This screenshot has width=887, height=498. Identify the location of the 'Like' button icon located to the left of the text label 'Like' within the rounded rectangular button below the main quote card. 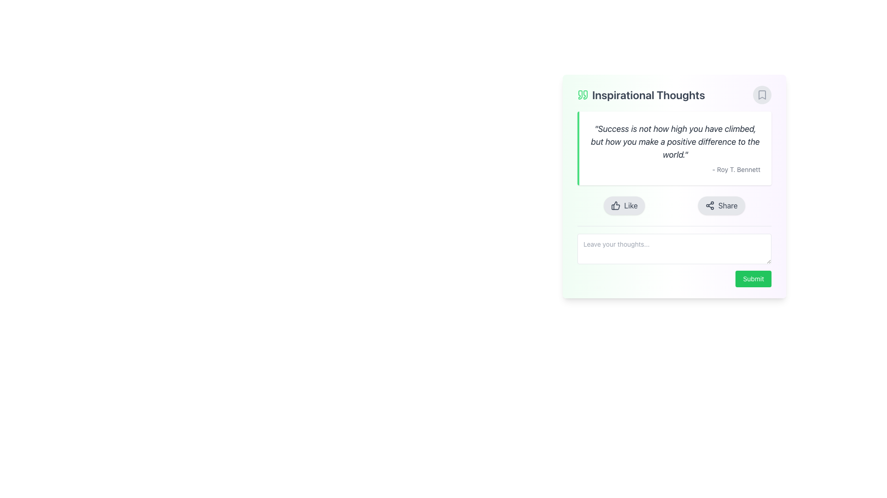
(616, 205).